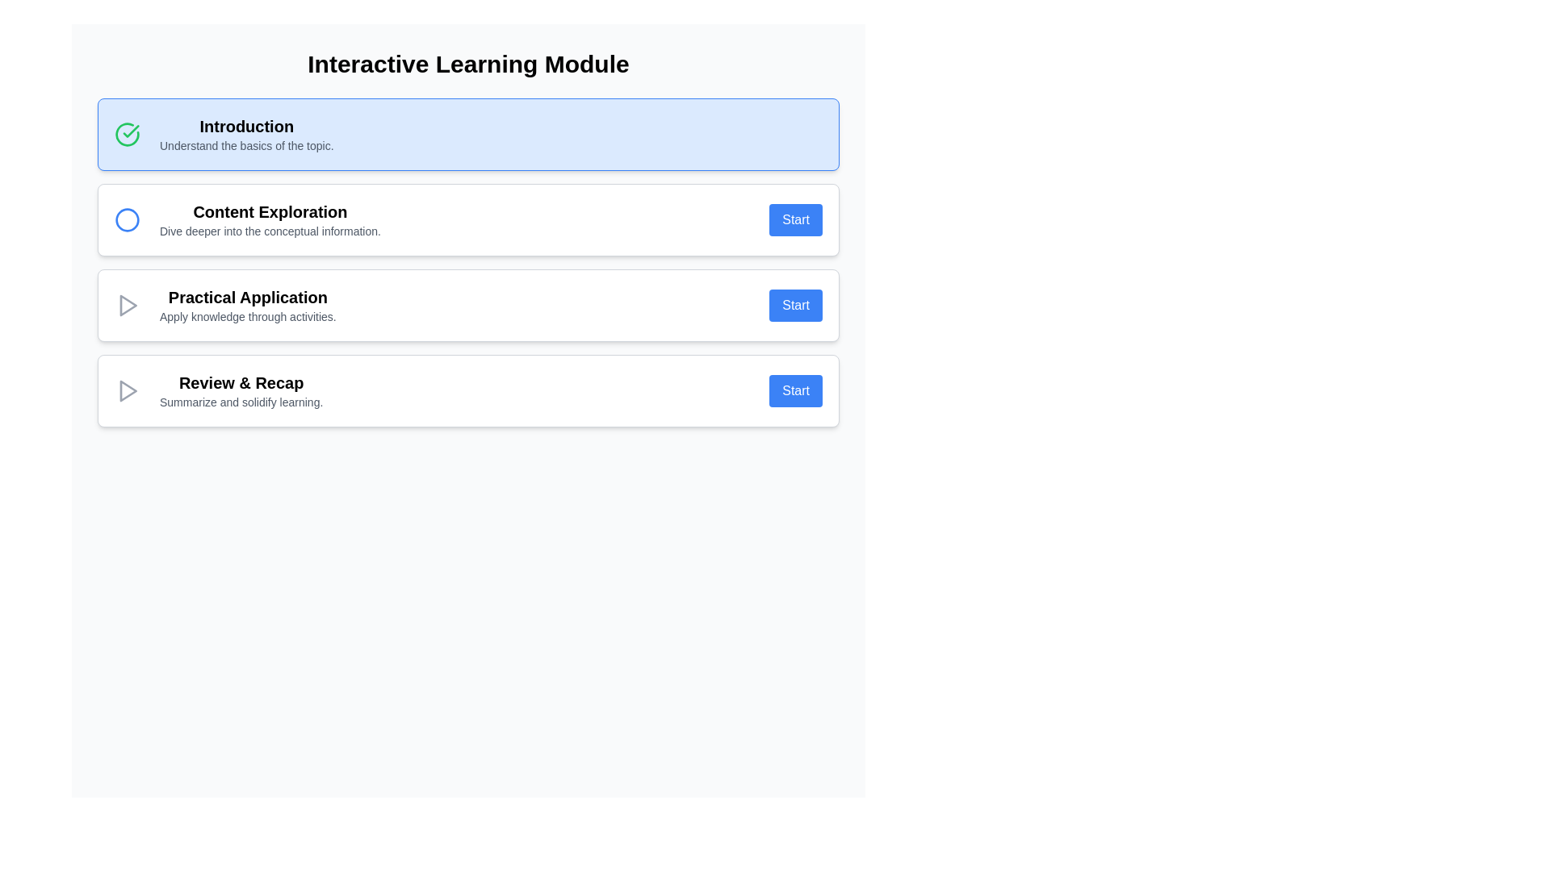 The width and height of the screenshot is (1550, 871). Describe the element at coordinates (127, 133) in the screenshot. I see `the status indicator icon located in the upper-left corner of the 'Introduction' card, which signifies the completion or progress of the module` at that location.